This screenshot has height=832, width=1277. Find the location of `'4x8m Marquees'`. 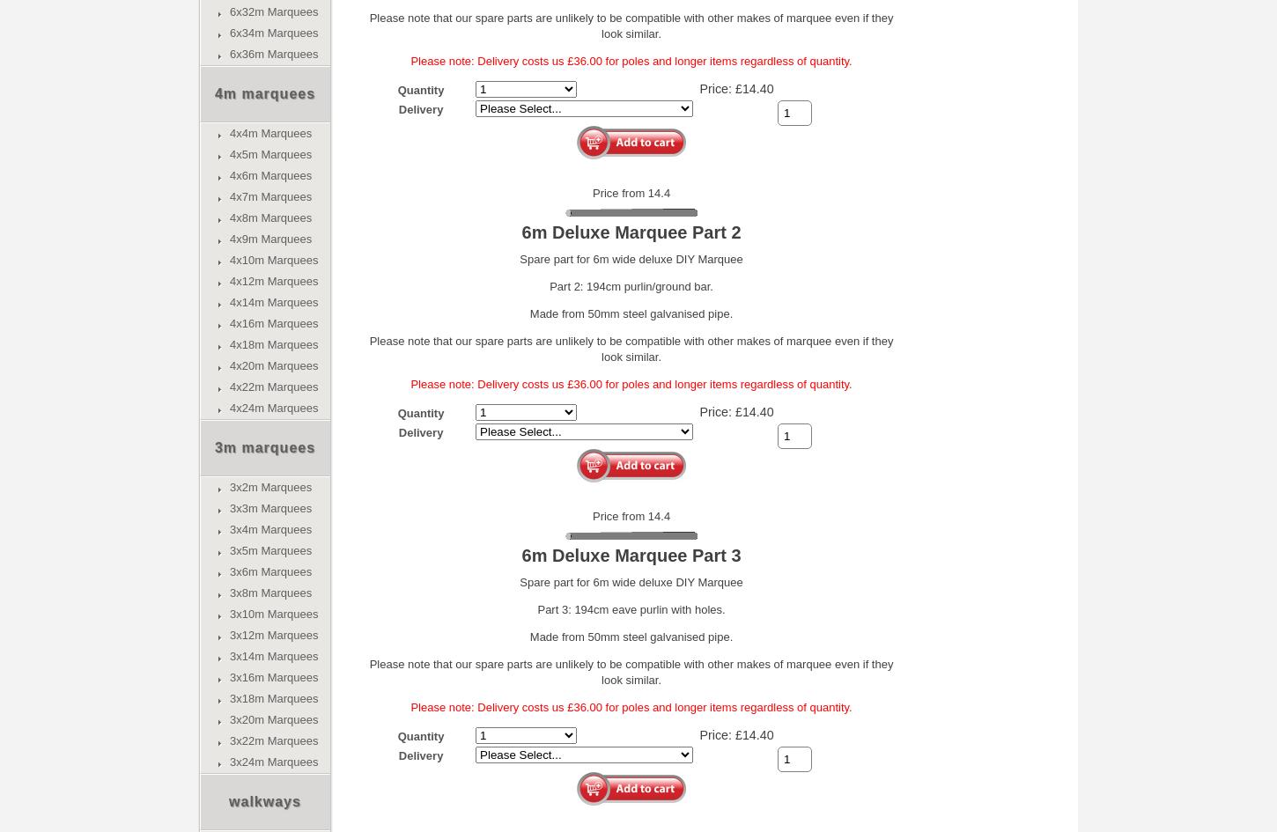

'4x8m Marquees' is located at coordinates (230, 217).